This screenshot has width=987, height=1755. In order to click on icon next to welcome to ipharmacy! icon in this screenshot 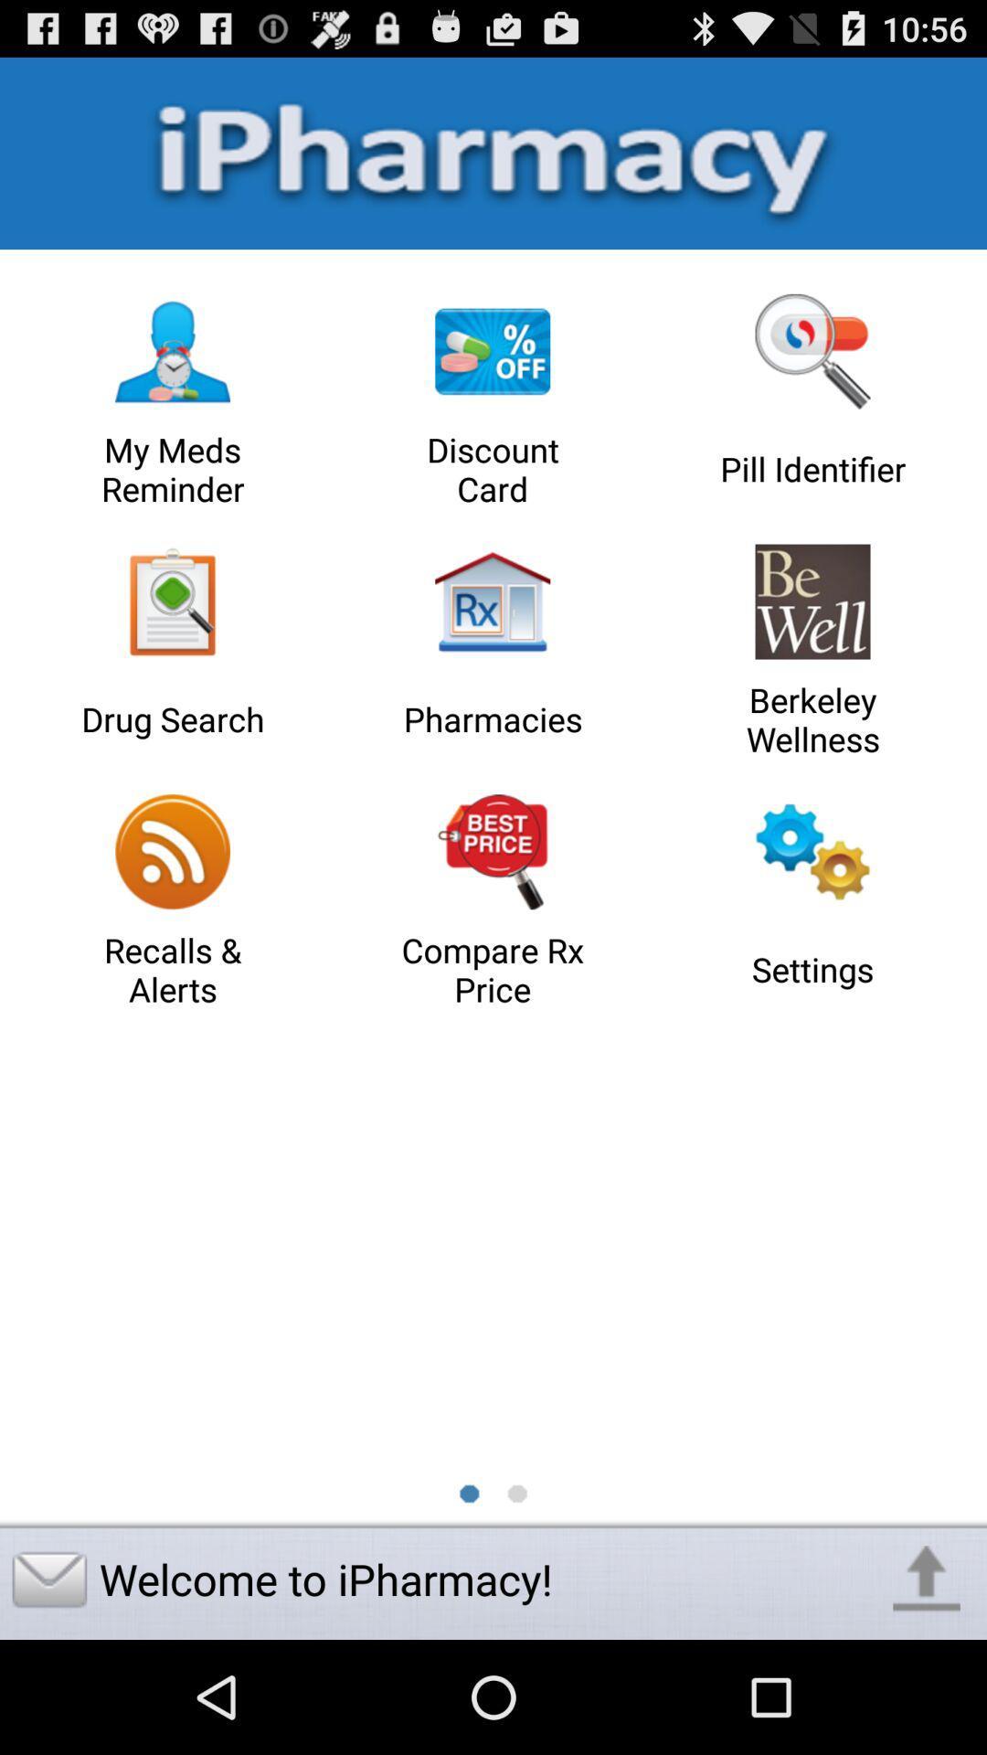, I will do `click(927, 1579)`.